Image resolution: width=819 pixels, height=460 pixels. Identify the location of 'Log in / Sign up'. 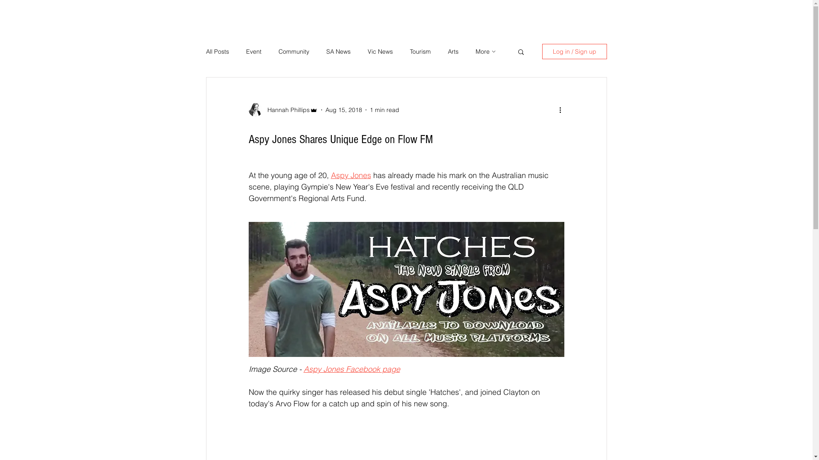
(541, 51).